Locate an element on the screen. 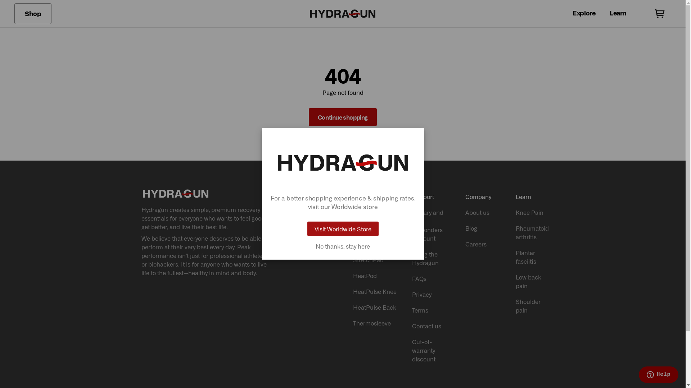  'Military and first responders discount' is located at coordinates (411, 225).